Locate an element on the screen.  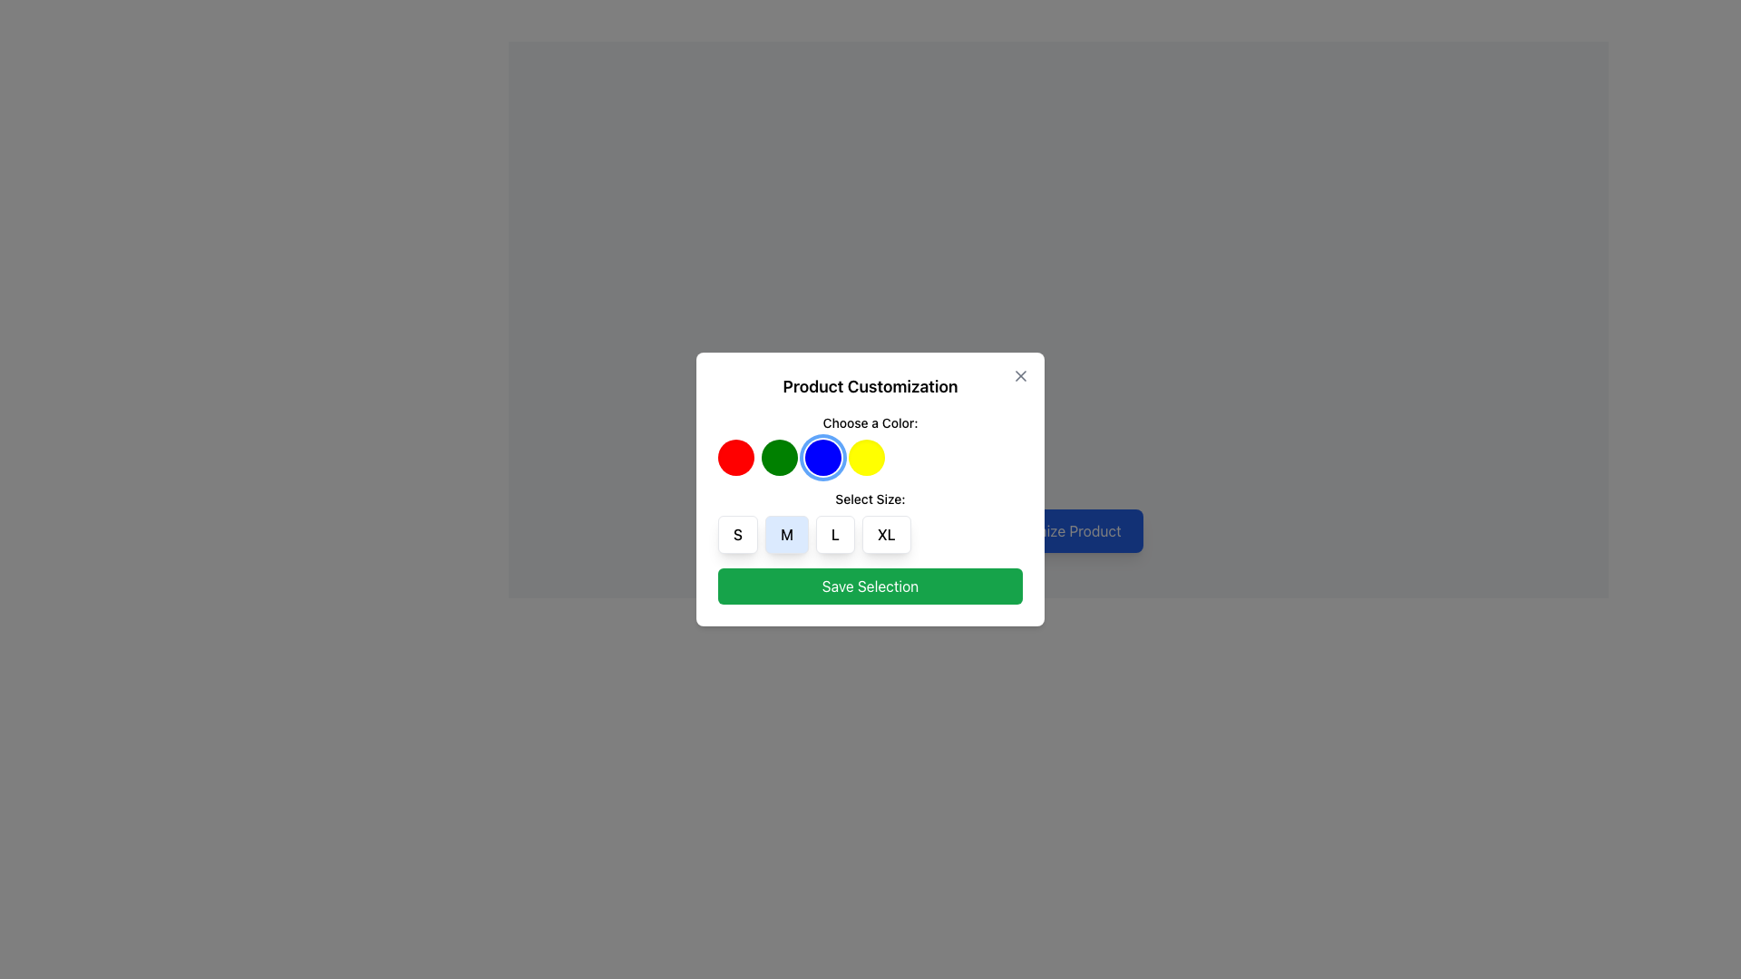
the rightmost circular button with a yellow background in the row of color selection buttons to choose the yellow color is located at coordinates (865, 457).